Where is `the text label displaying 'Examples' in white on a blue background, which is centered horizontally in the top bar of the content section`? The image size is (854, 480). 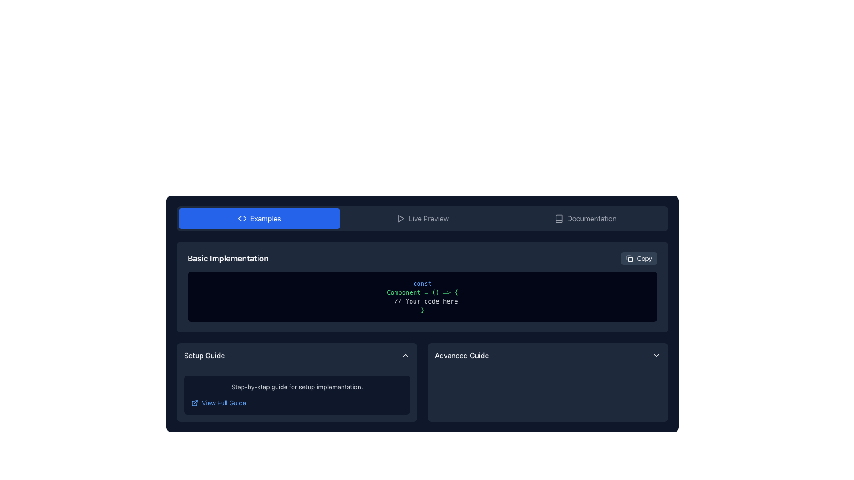 the text label displaying 'Examples' in white on a blue background, which is centered horizontally in the top bar of the content section is located at coordinates (265, 219).